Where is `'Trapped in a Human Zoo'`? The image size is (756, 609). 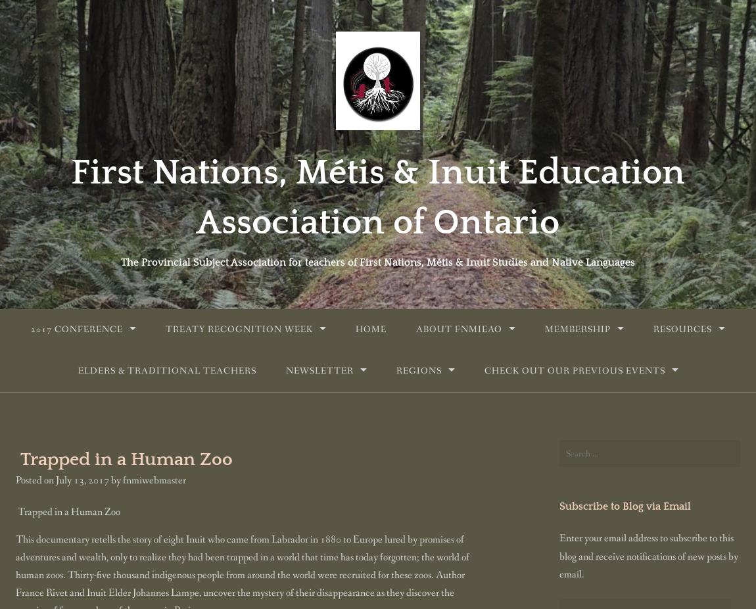
'Trapped in a Human Zoo' is located at coordinates (68, 511).